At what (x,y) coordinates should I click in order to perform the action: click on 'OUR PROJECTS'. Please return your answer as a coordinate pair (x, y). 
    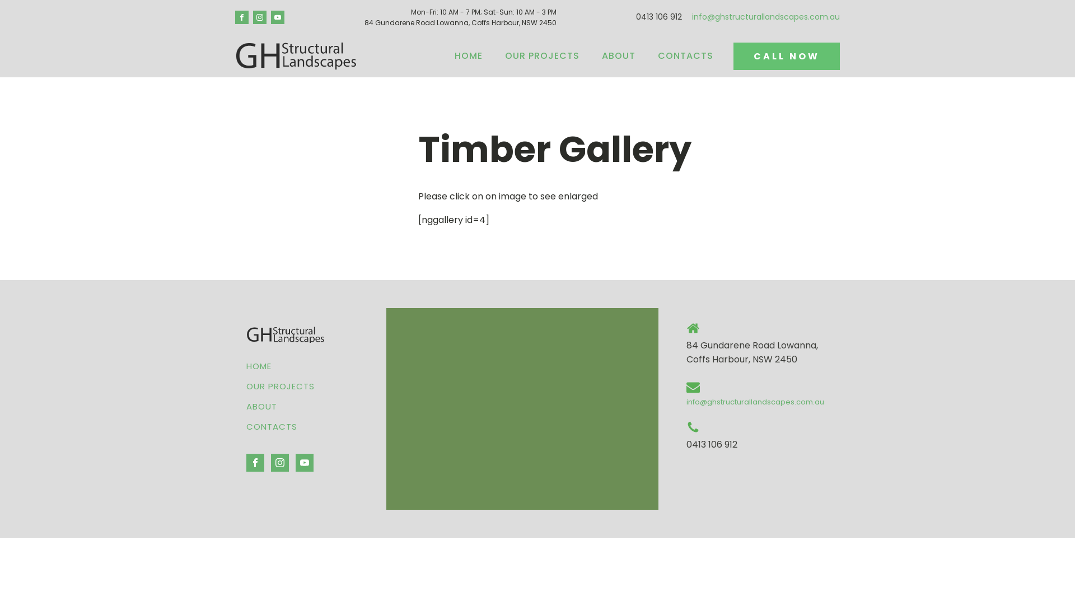
    Looking at the image, I should click on (493, 56).